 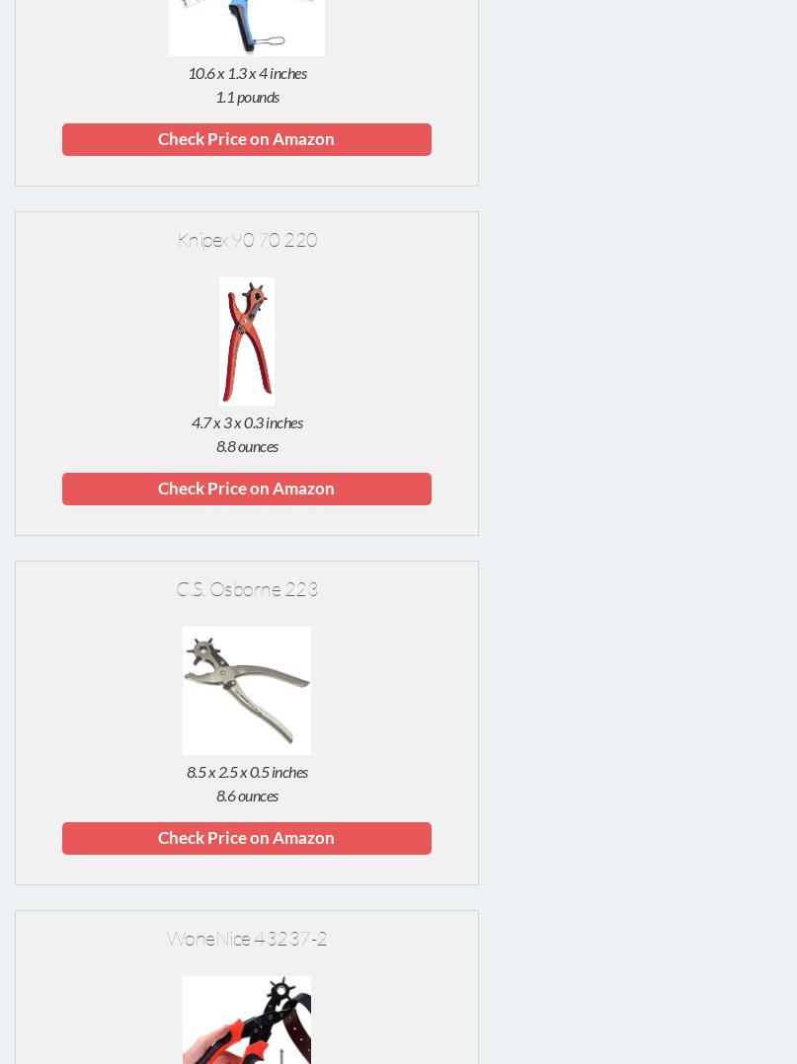 I want to click on '8.5 x 2.5 x 0.5 inches', so click(x=245, y=770).